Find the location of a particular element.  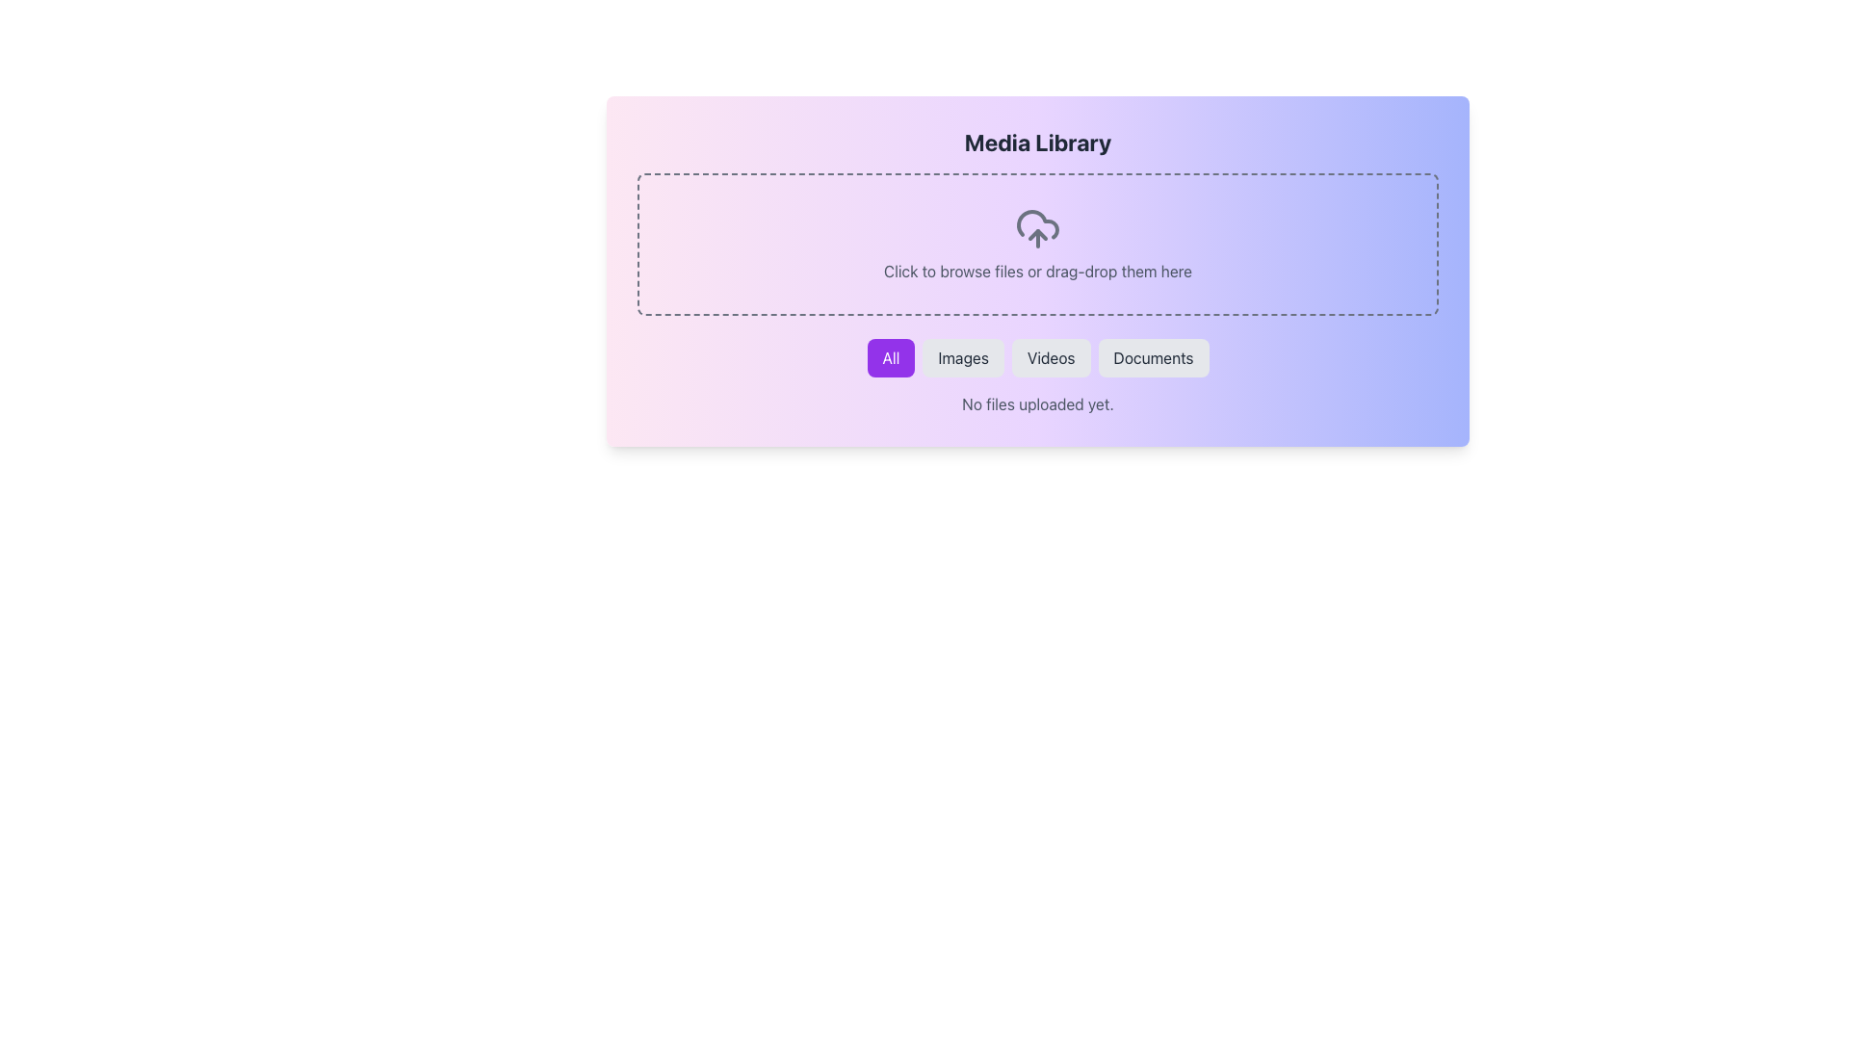

the fourth button in the horizontal group of buttons in the 'Media Library' card interface to filter the displayed content for documents is located at coordinates (1154, 357).